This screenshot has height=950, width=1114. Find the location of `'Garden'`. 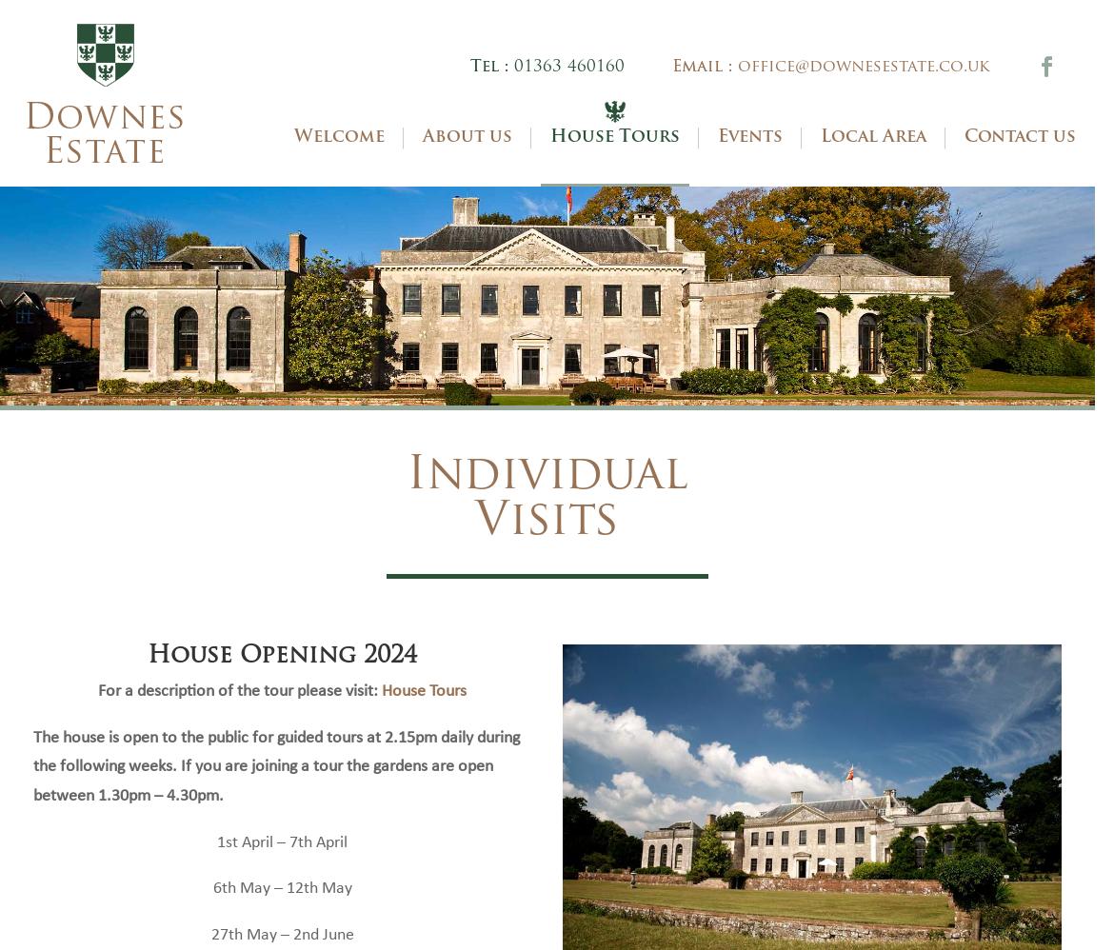

'Garden' is located at coordinates (626, 338).